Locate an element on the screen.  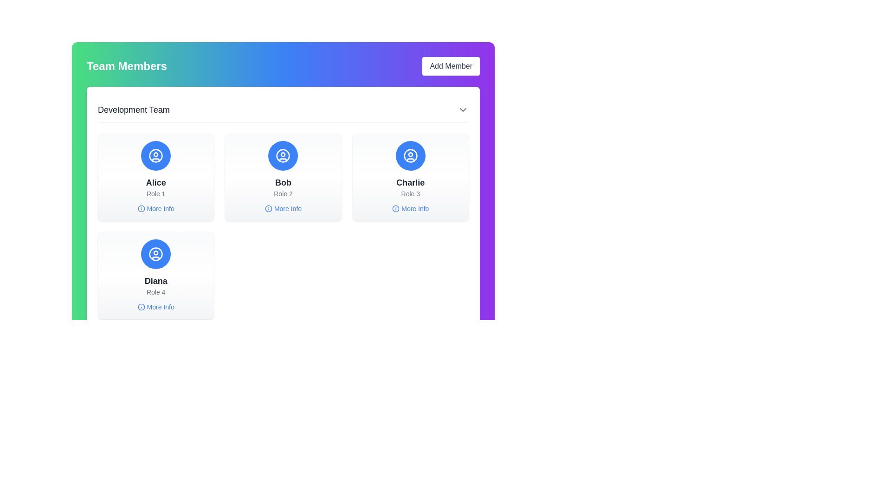
the static text element displaying 'Role 1' located within the card for 'Alice', positioned below her name and above the 'More Info' button is located at coordinates (156, 193).